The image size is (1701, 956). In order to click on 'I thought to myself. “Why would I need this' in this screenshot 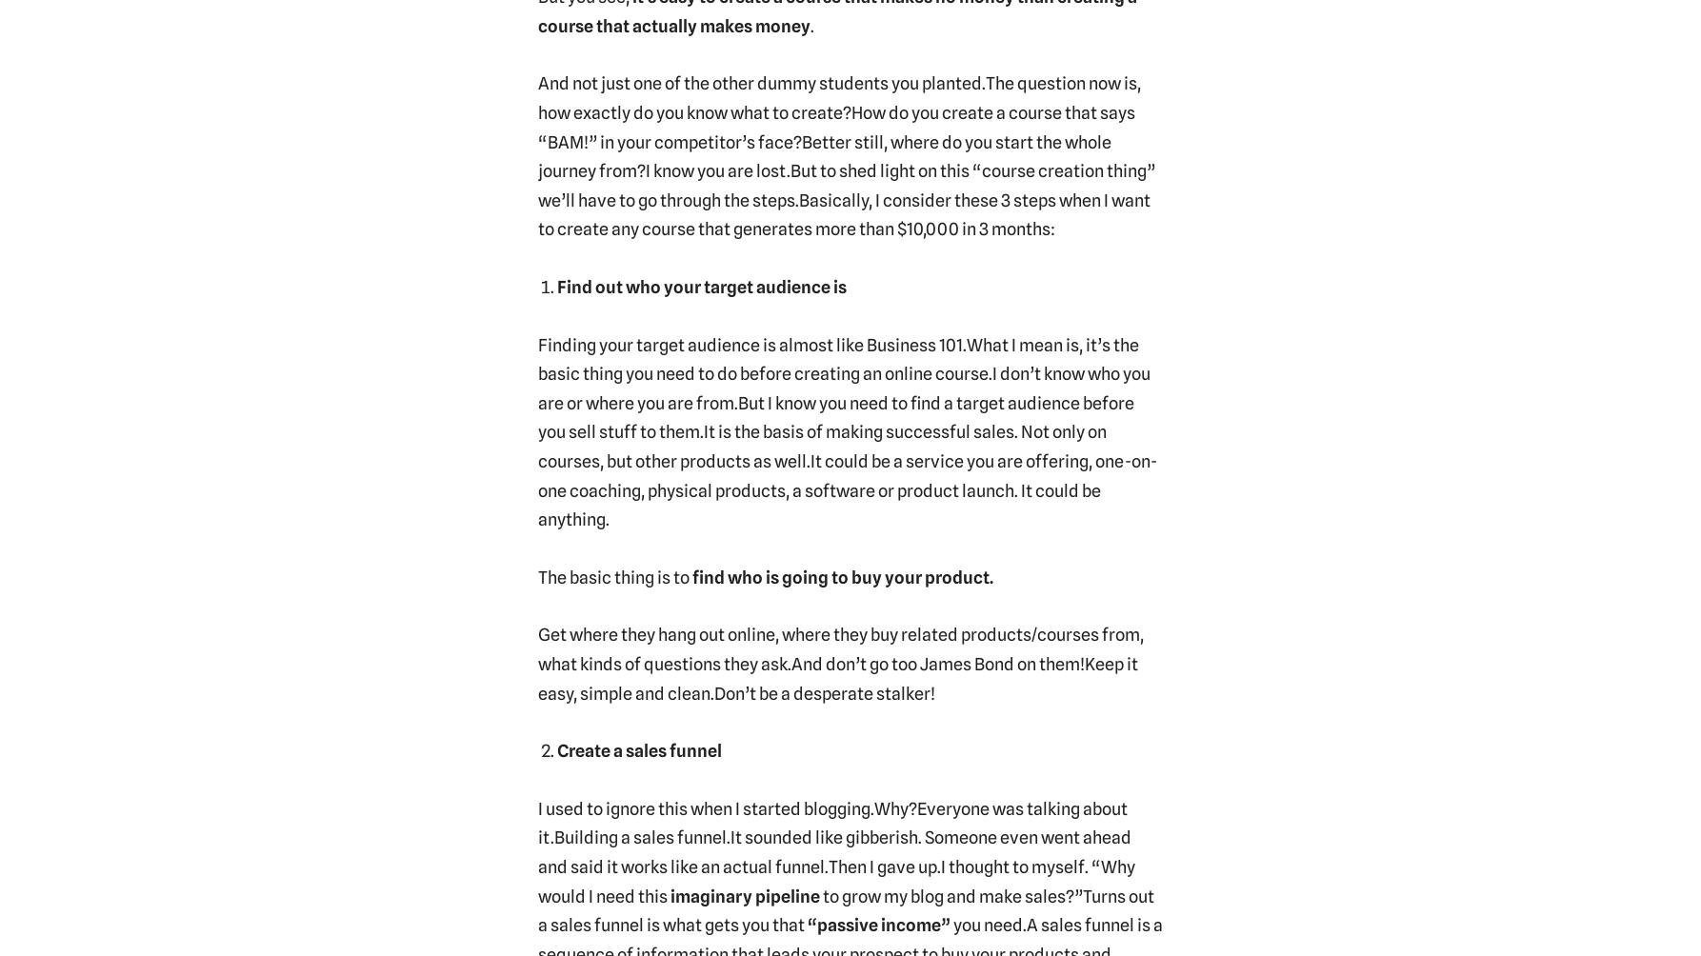, I will do `click(834, 879)`.